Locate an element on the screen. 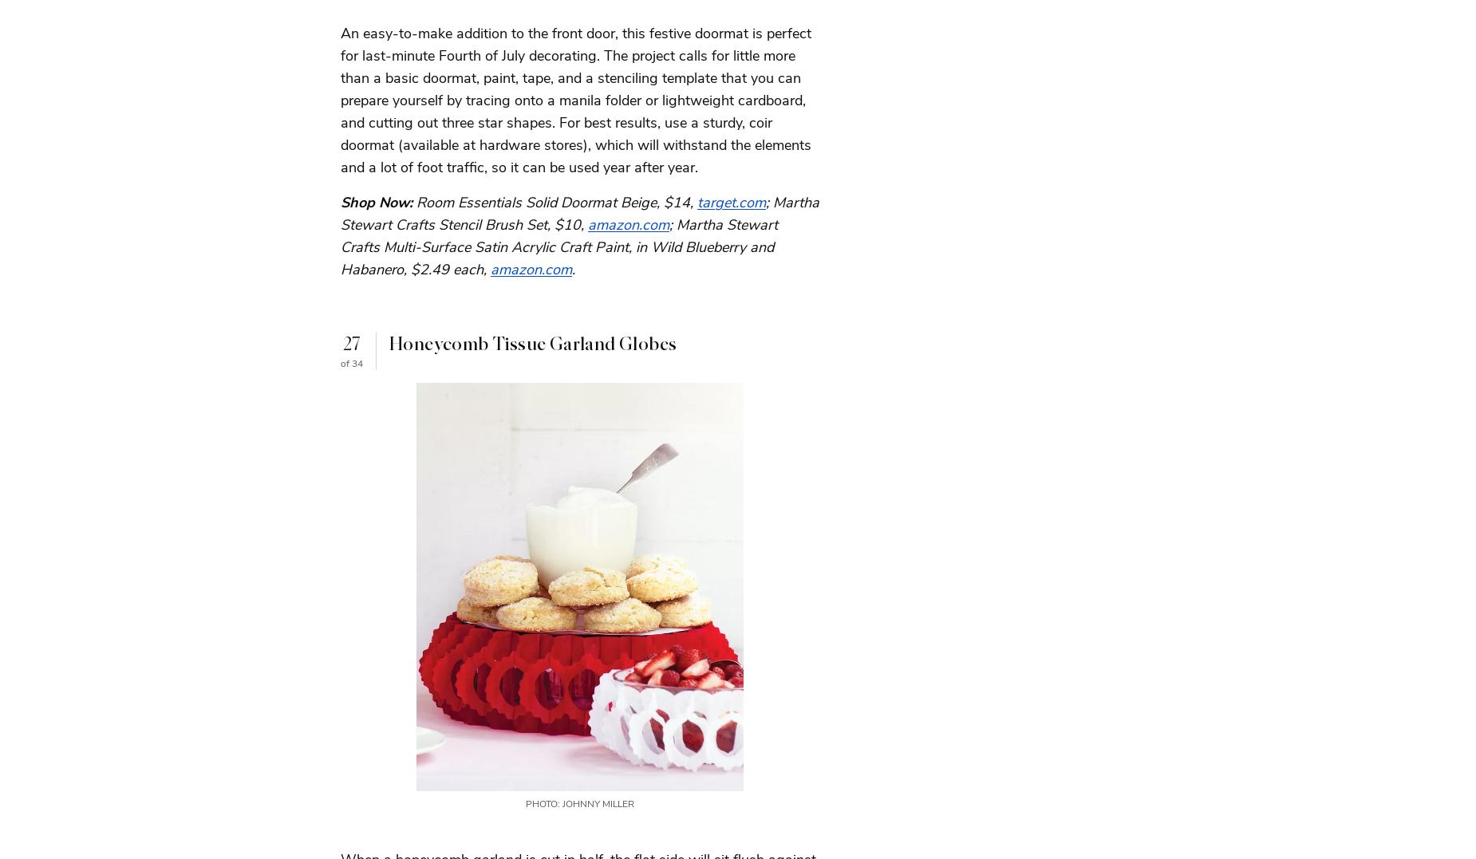 This screenshot has width=1476, height=859. 'of 34' is located at coordinates (351, 362).